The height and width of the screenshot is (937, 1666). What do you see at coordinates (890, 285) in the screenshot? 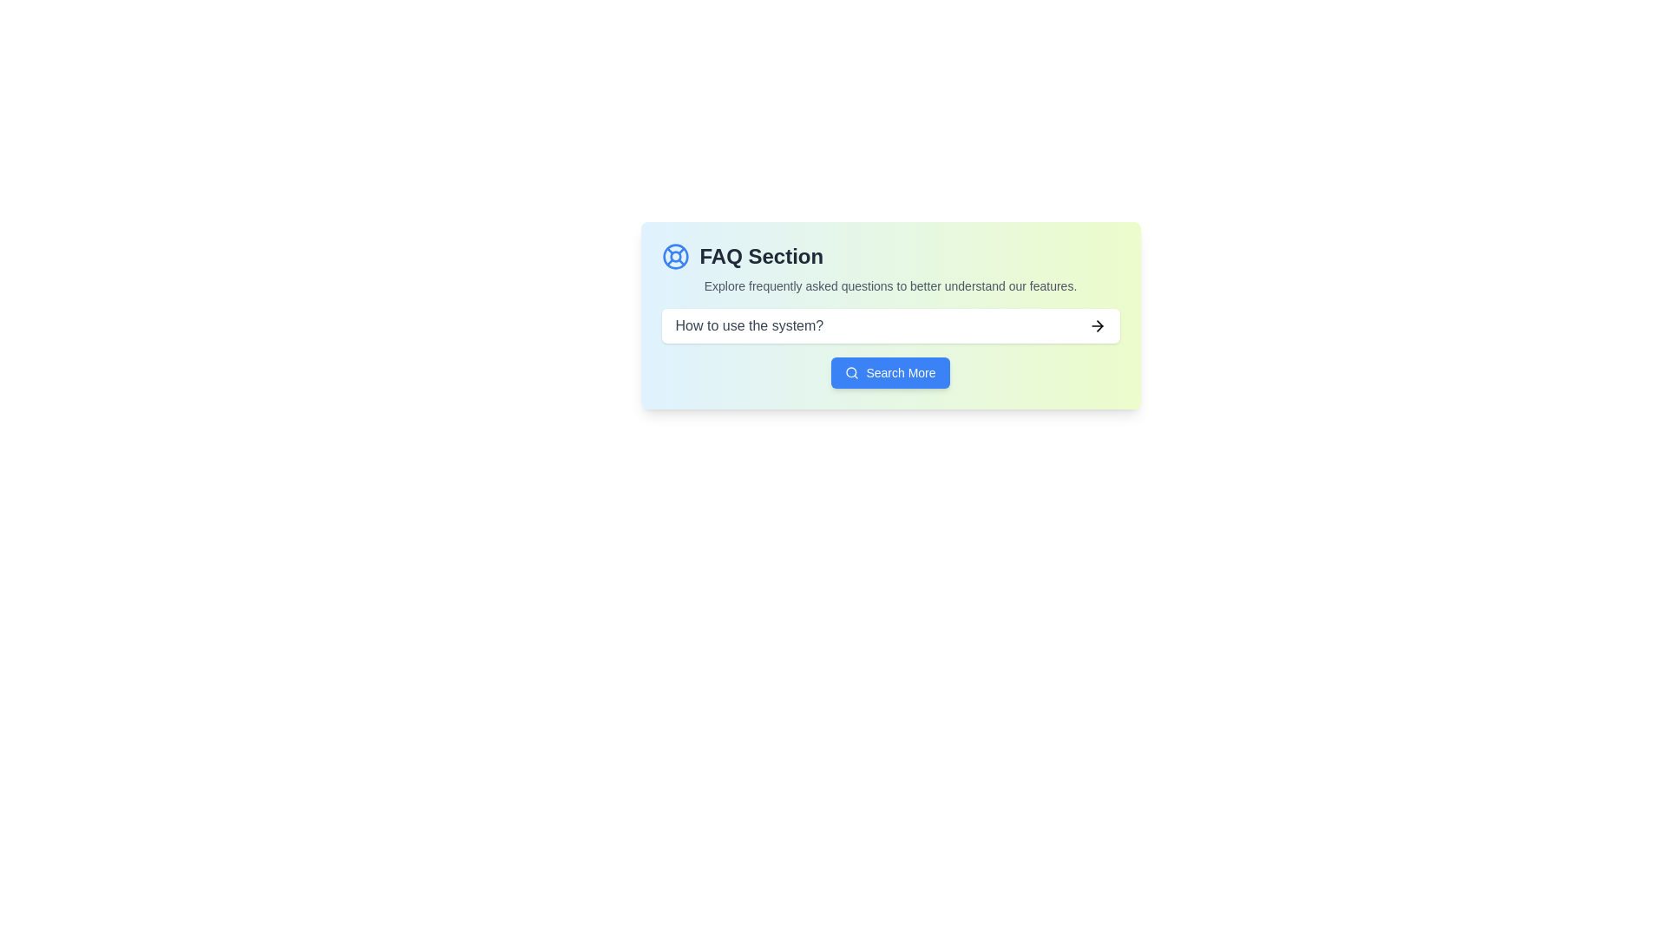
I see `the text block containing 'Explore frequently asked questions to better understand our features.' which is positioned centrally under the bold heading 'FAQ Section.'` at bounding box center [890, 285].